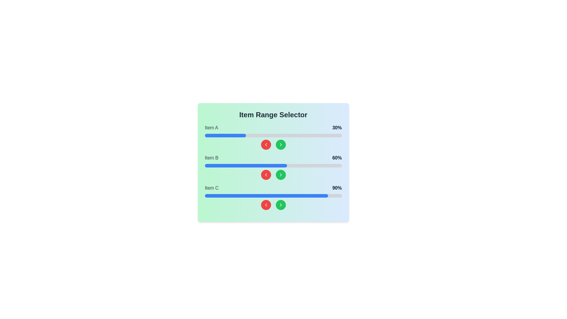 The height and width of the screenshot is (319, 567). Describe the element at coordinates (270, 165) in the screenshot. I see `the slider` at that location.